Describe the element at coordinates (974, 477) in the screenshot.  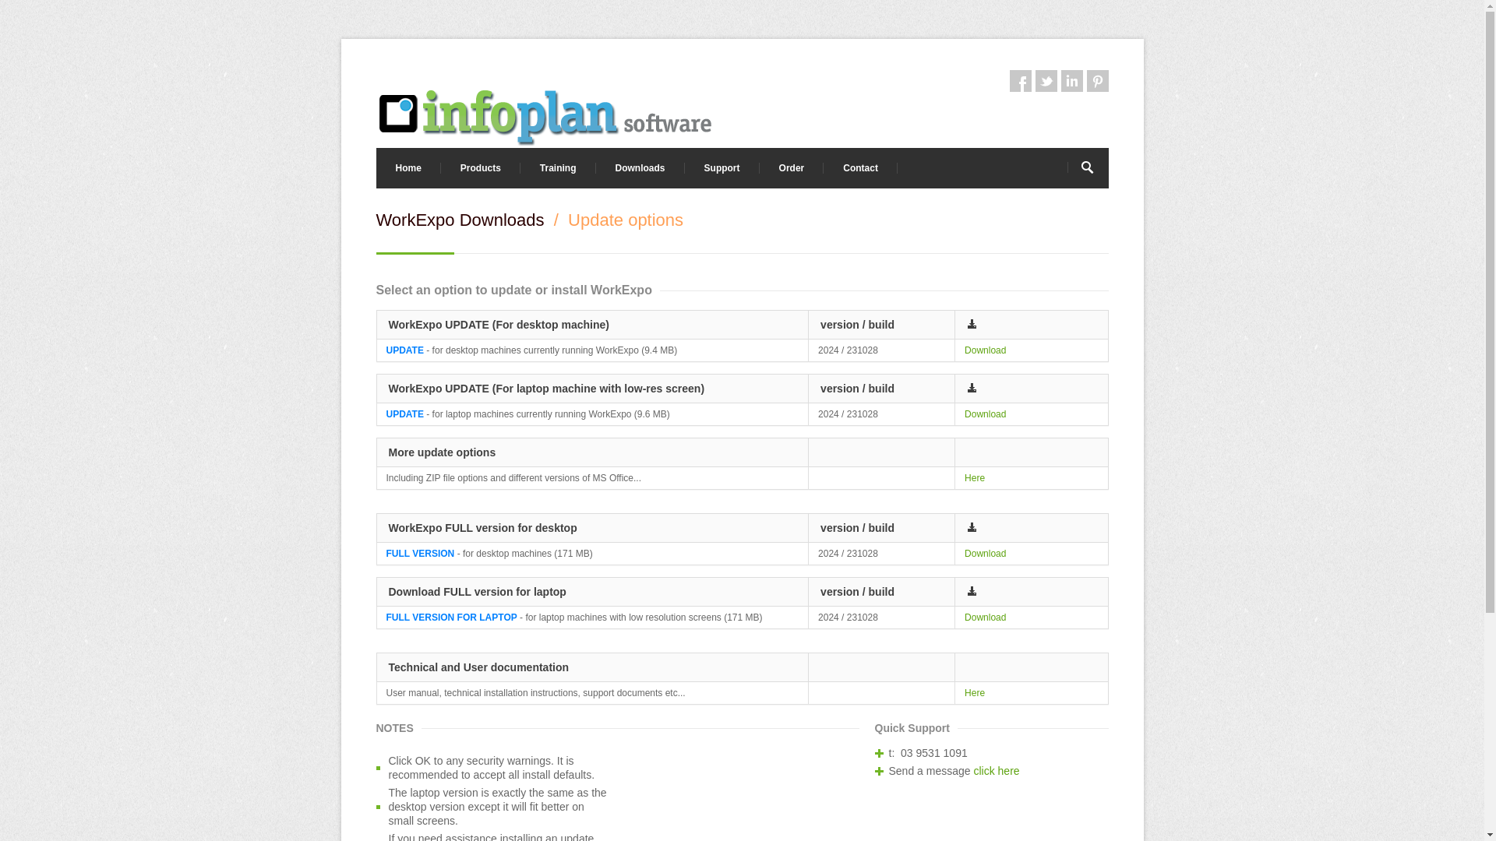
I see `'Here'` at that location.